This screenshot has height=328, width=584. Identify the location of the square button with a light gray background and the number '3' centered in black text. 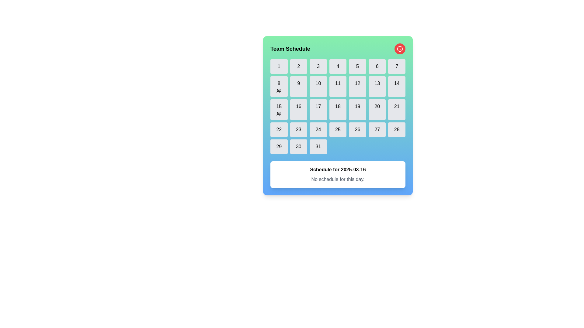
(318, 67).